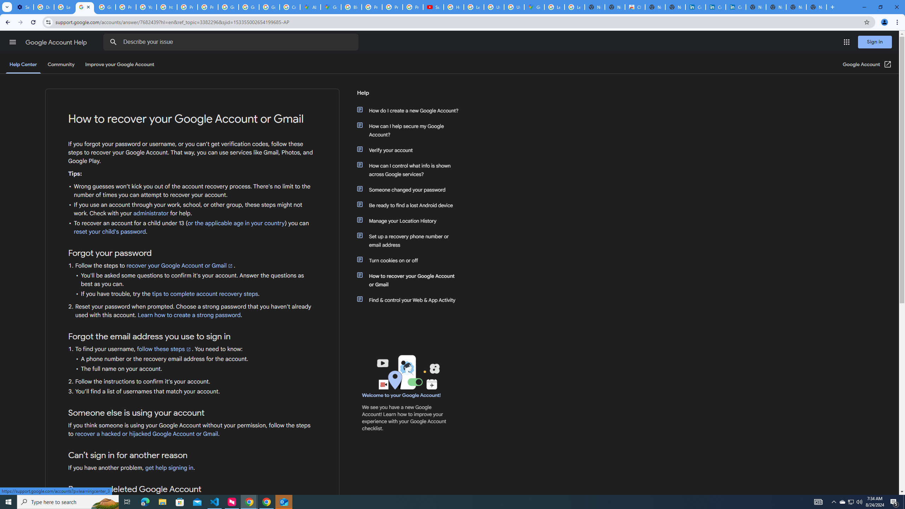  Describe the element at coordinates (232, 42) in the screenshot. I see `'Describe your issue'` at that location.